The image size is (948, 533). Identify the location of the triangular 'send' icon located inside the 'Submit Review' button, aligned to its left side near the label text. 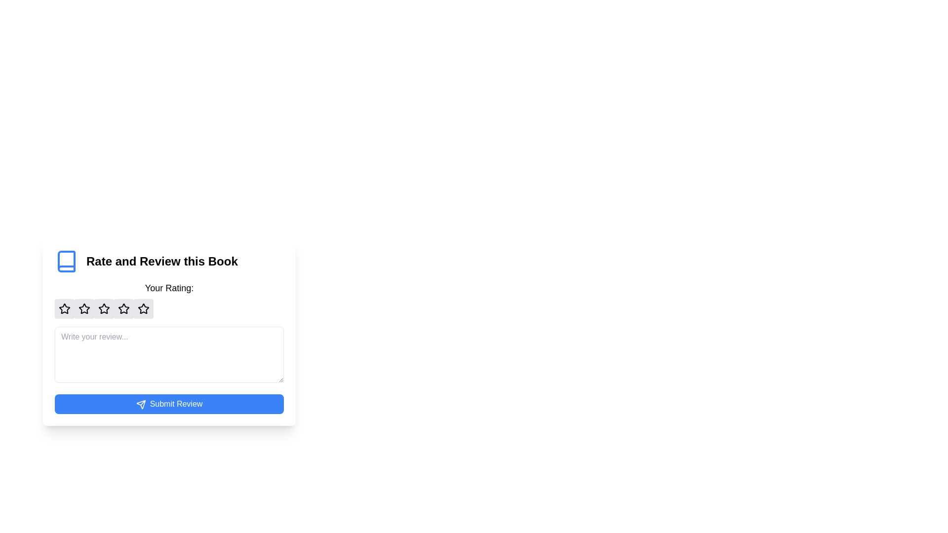
(140, 404).